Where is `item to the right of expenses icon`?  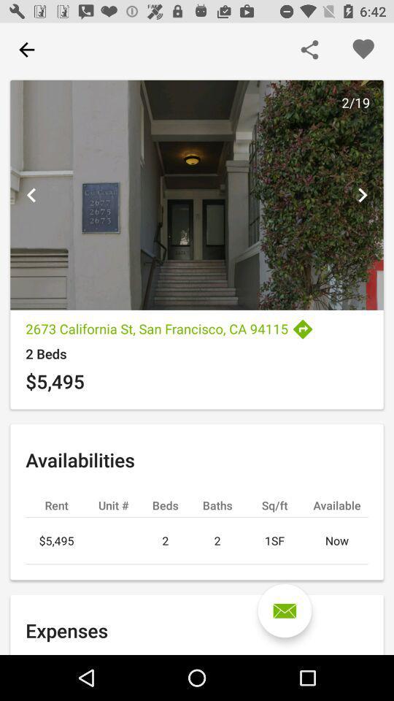
item to the right of expenses icon is located at coordinates (285, 610).